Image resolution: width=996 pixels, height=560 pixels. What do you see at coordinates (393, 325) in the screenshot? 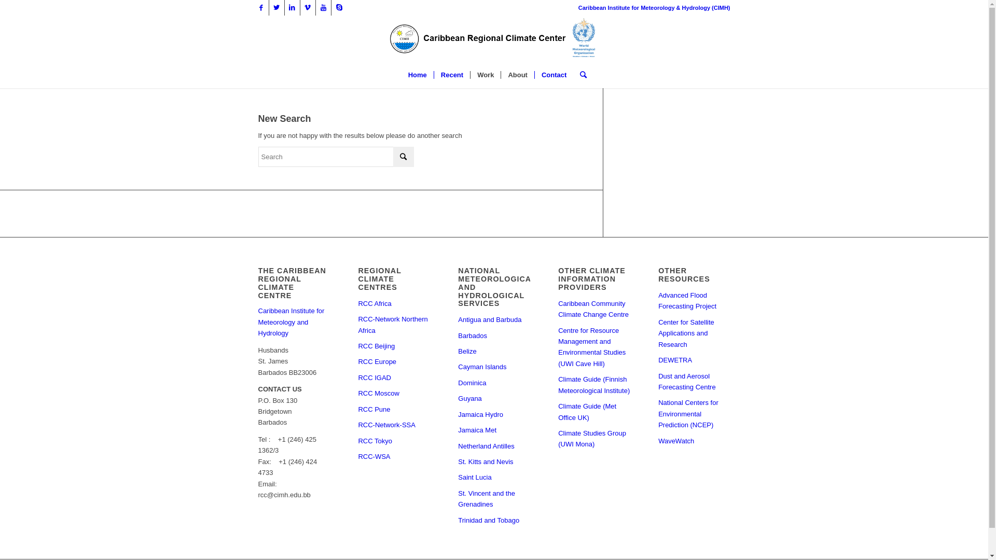
I see `'RCC-Network Northern Africa'` at bounding box center [393, 325].